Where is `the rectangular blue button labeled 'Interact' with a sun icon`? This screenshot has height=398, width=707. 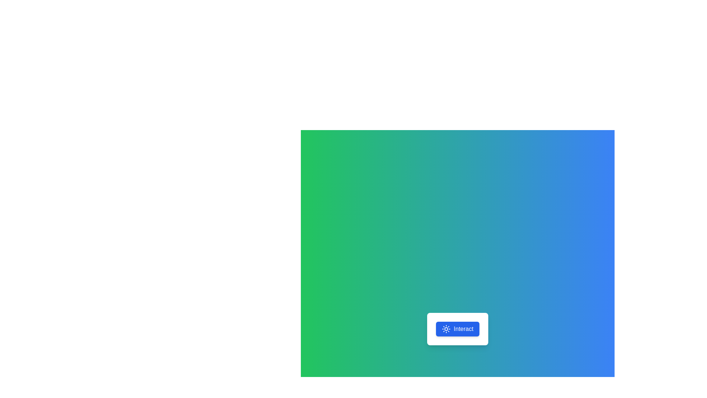 the rectangular blue button labeled 'Interact' with a sun icon is located at coordinates (457, 328).